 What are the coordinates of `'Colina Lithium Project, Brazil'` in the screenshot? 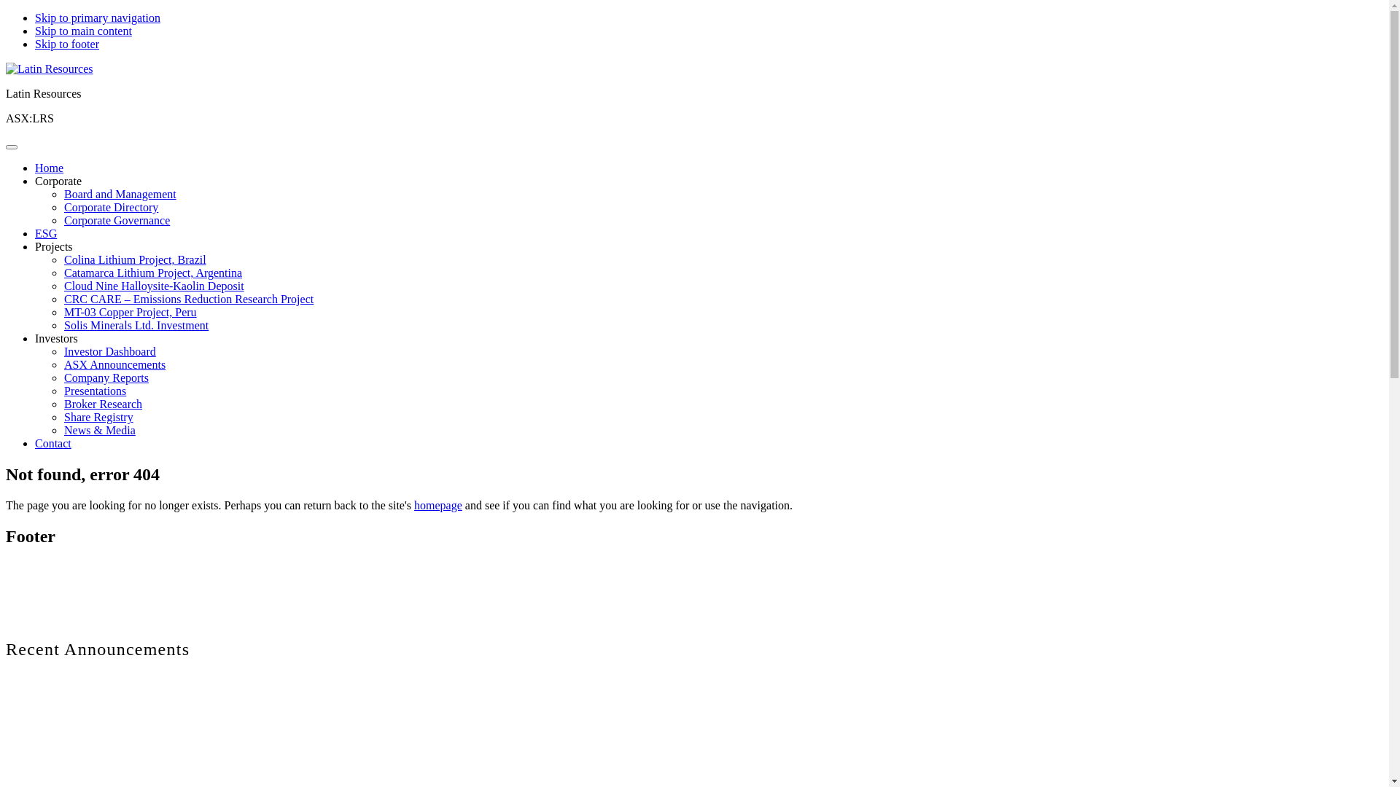 It's located at (135, 259).